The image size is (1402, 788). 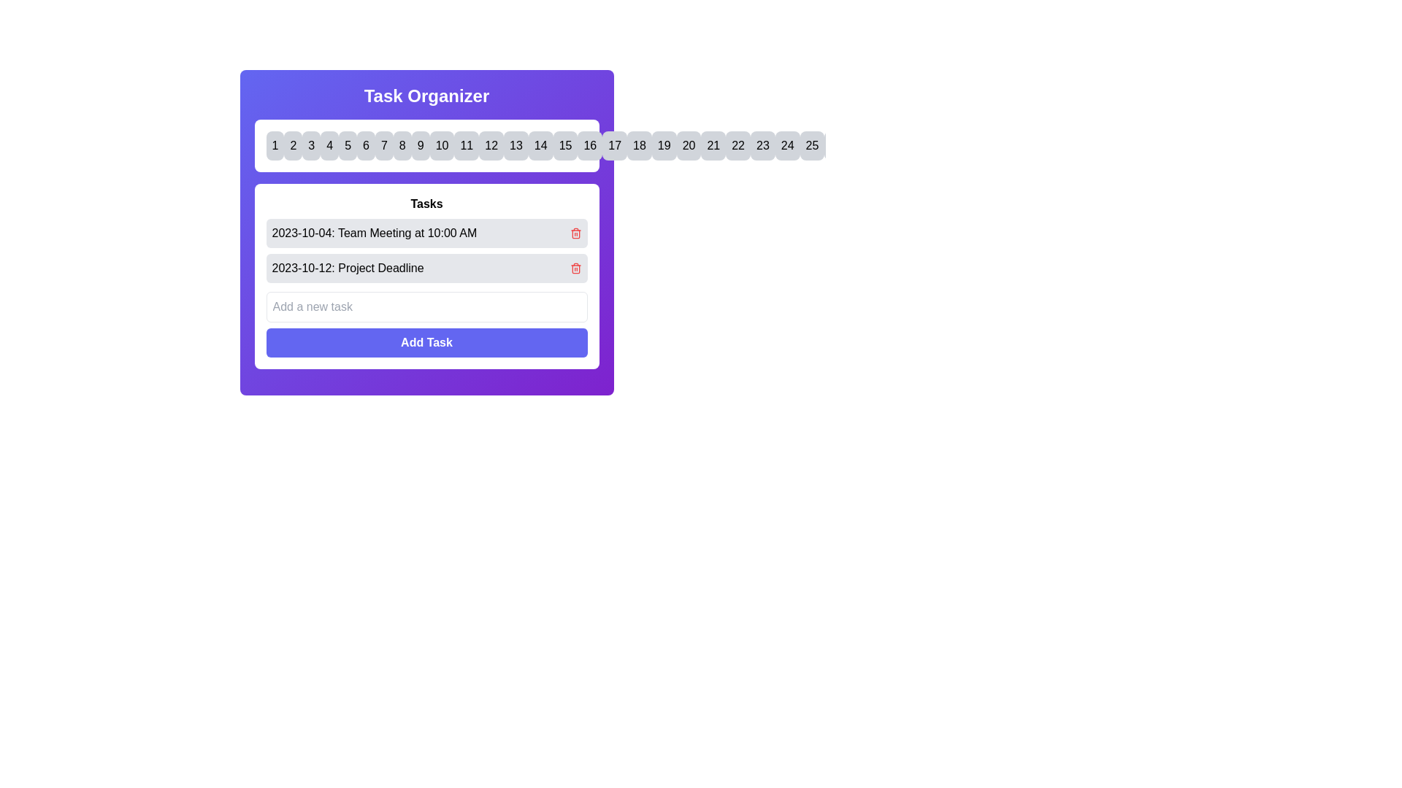 What do you see at coordinates (374, 233) in the screenshot?
I see `text content of the first text label displaying a scheduled event or task in the upper portion of the task list` at bounding box center [374, 233].